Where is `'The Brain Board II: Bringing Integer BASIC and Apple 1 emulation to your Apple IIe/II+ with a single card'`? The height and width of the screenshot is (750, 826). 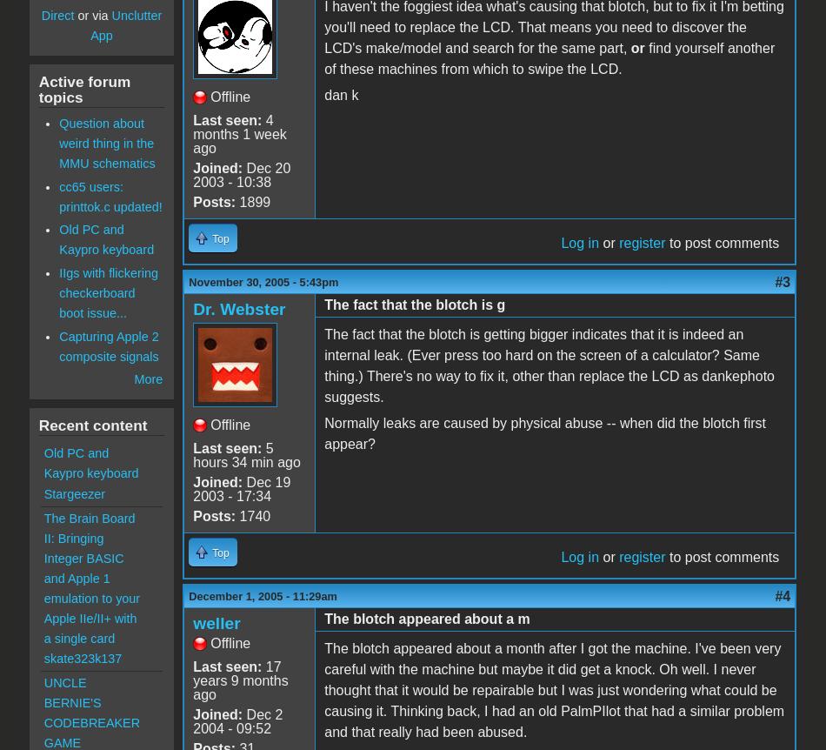 'The Brain Board II: Bringing Integer BASIC and Apple 1 emulation to your Apple IIe/II+ with a single card' is located at coordinates (43, 576).